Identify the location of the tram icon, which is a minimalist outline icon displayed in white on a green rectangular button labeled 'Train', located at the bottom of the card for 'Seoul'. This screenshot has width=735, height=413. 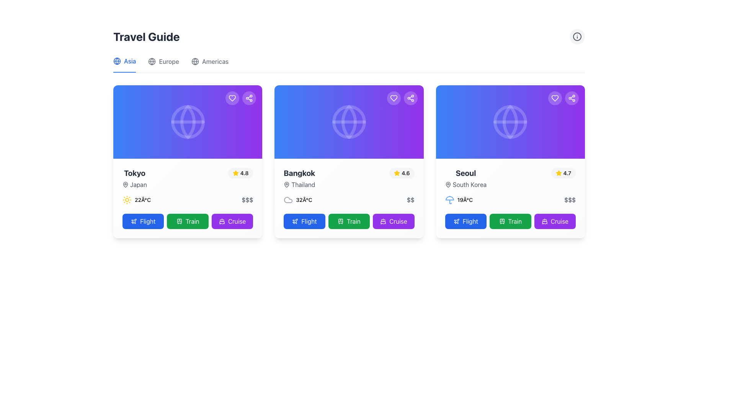
(502, 221).